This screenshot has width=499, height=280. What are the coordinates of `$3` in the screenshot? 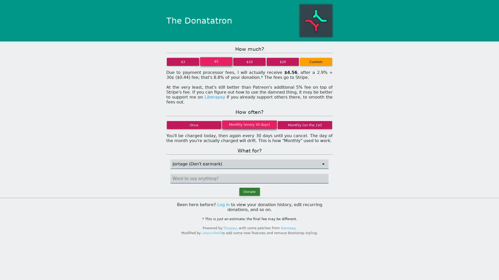 It's located at (183, 61).